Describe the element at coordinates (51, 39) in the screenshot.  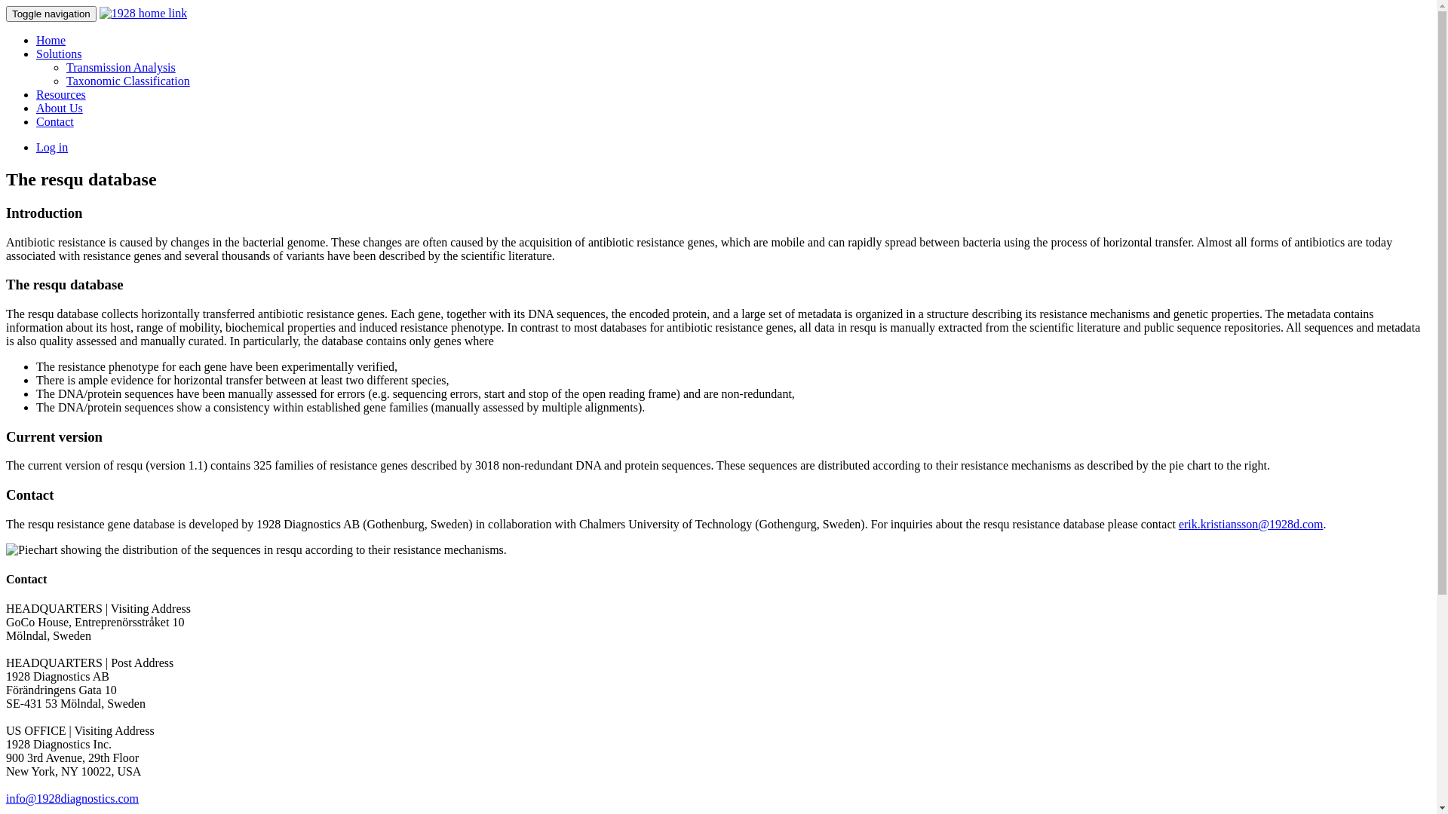
I see `'Home'` at that location.